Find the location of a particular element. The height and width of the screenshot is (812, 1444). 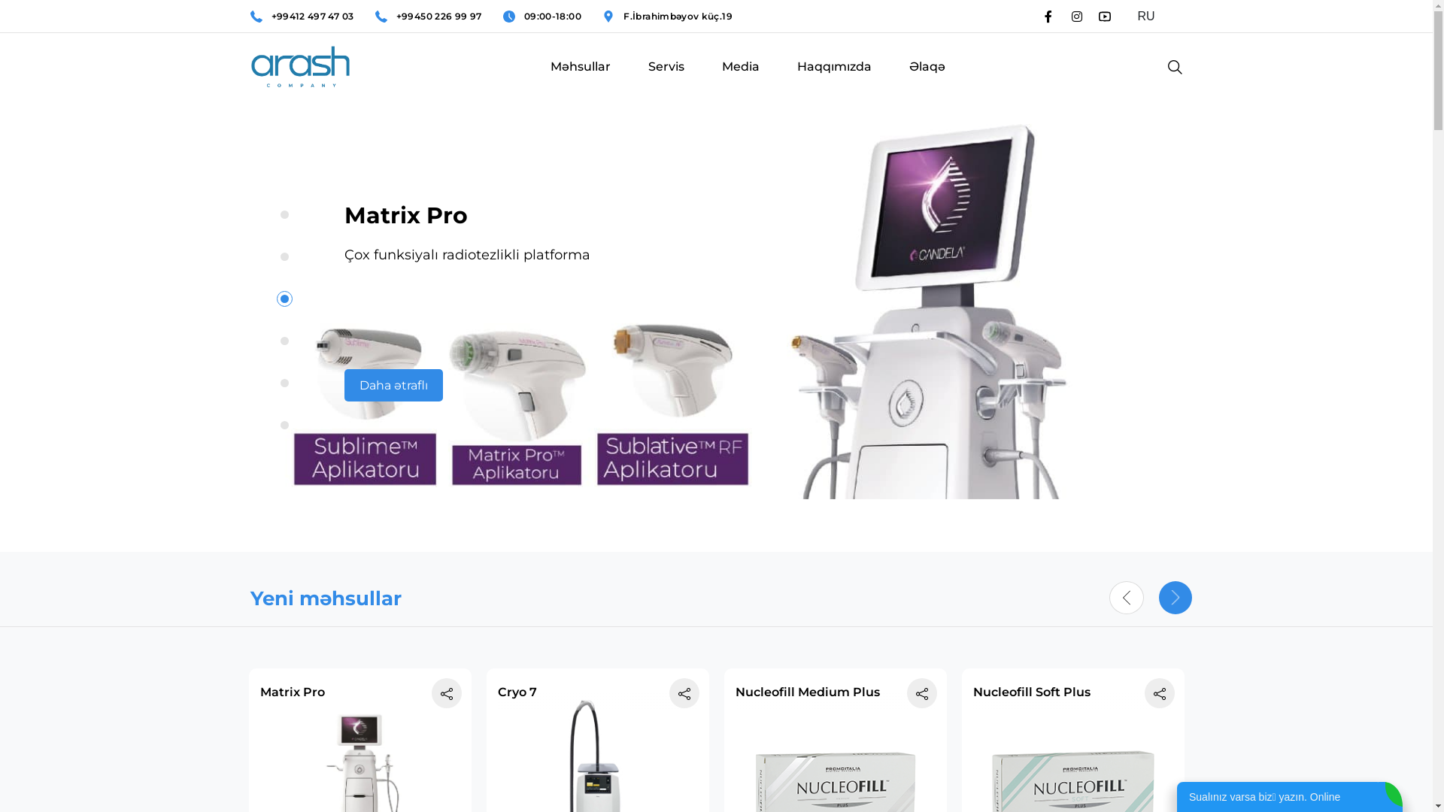

'RU' is located at coordinates (1153, 17).